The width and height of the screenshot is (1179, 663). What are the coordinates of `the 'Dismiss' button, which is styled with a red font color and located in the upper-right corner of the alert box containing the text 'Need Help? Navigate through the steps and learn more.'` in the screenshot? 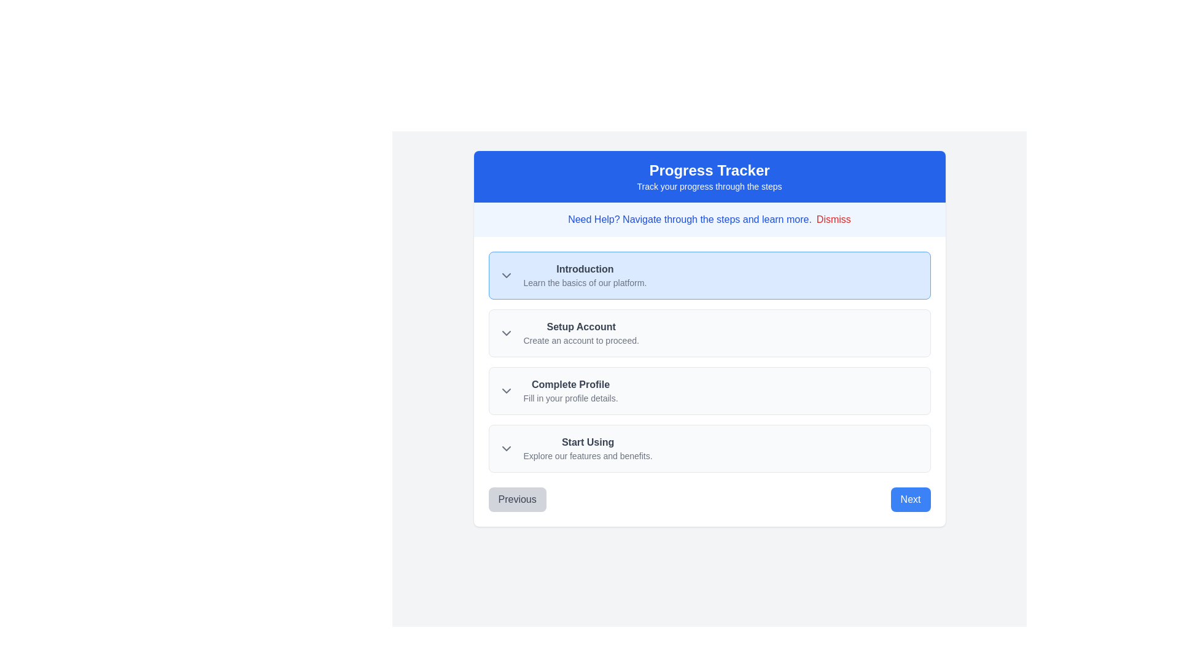 It's located at (833, 219).